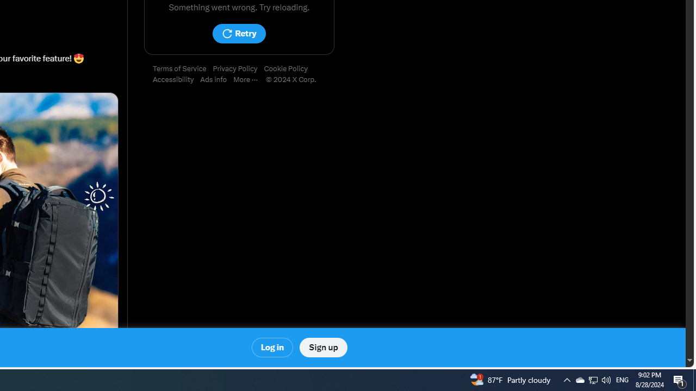 This screenshot has width=696, height=391. I want to click on 'Privacy Policy', so click(238, 69).